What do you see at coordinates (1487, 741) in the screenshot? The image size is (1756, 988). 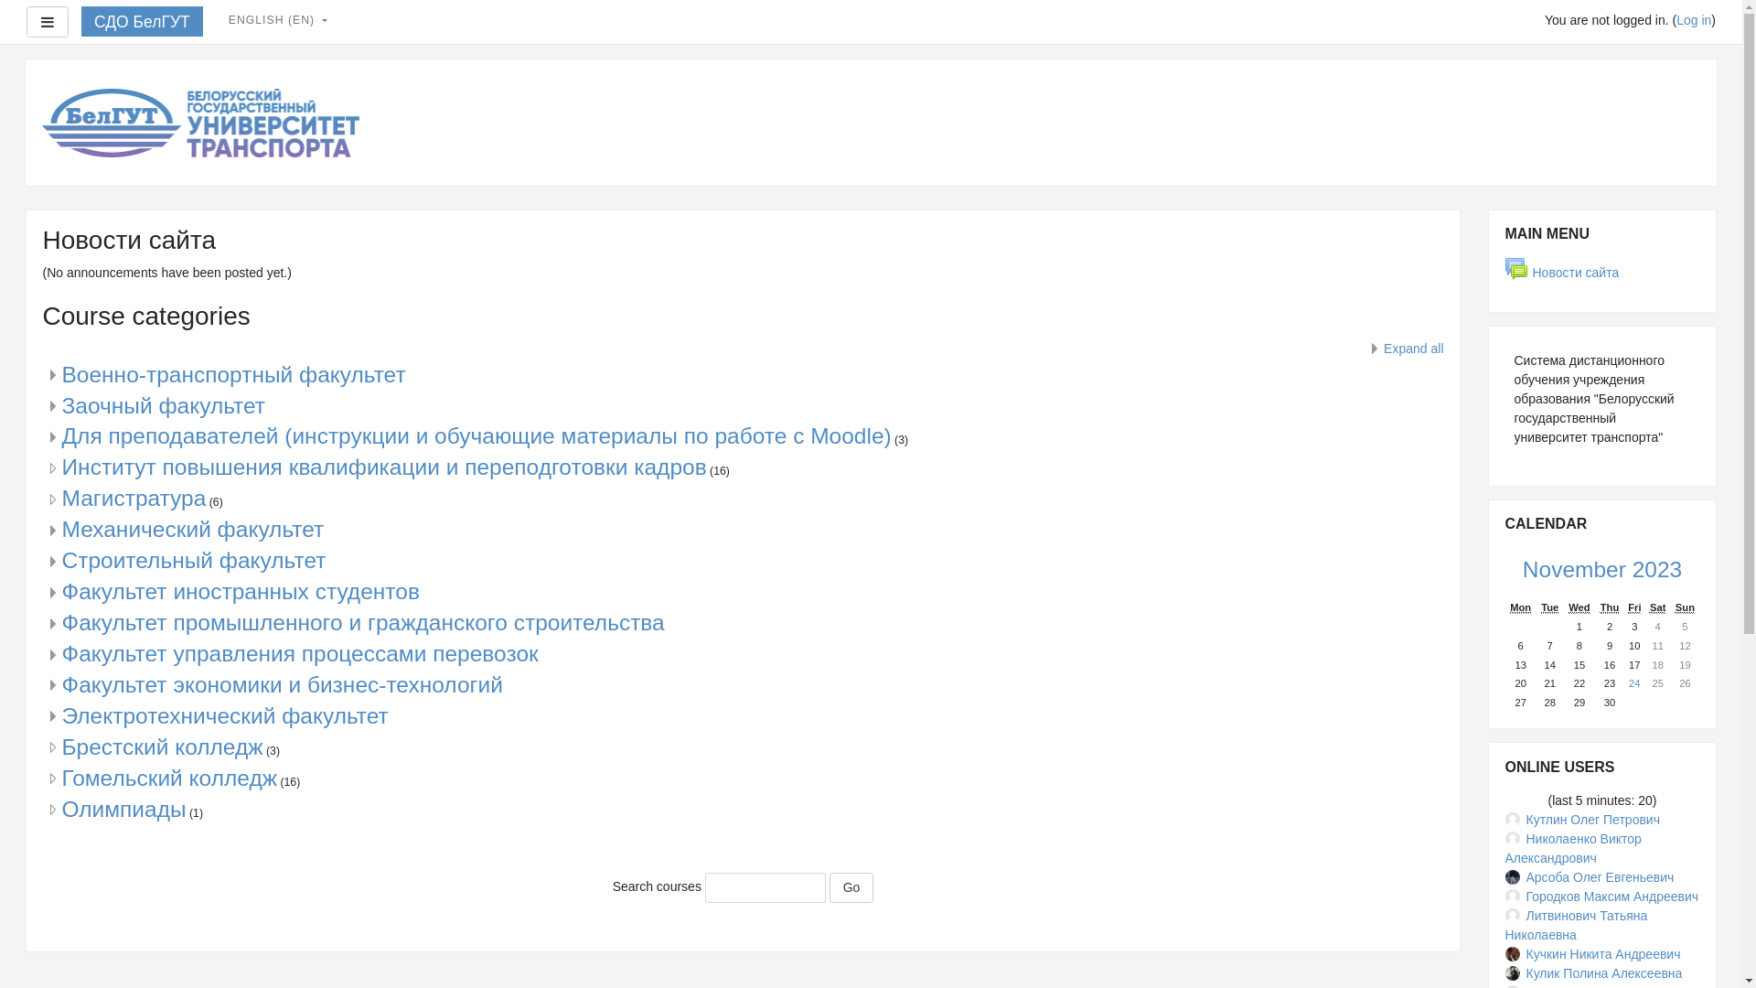 I see `'Skip Online users'` at bounding box center [1487, 741].